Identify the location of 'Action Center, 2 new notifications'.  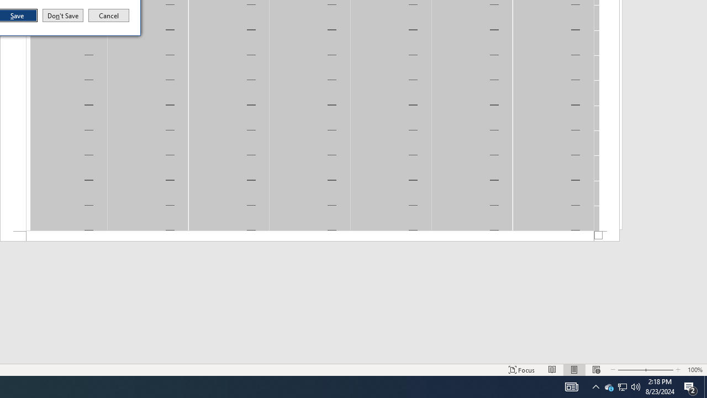
(690, 386).